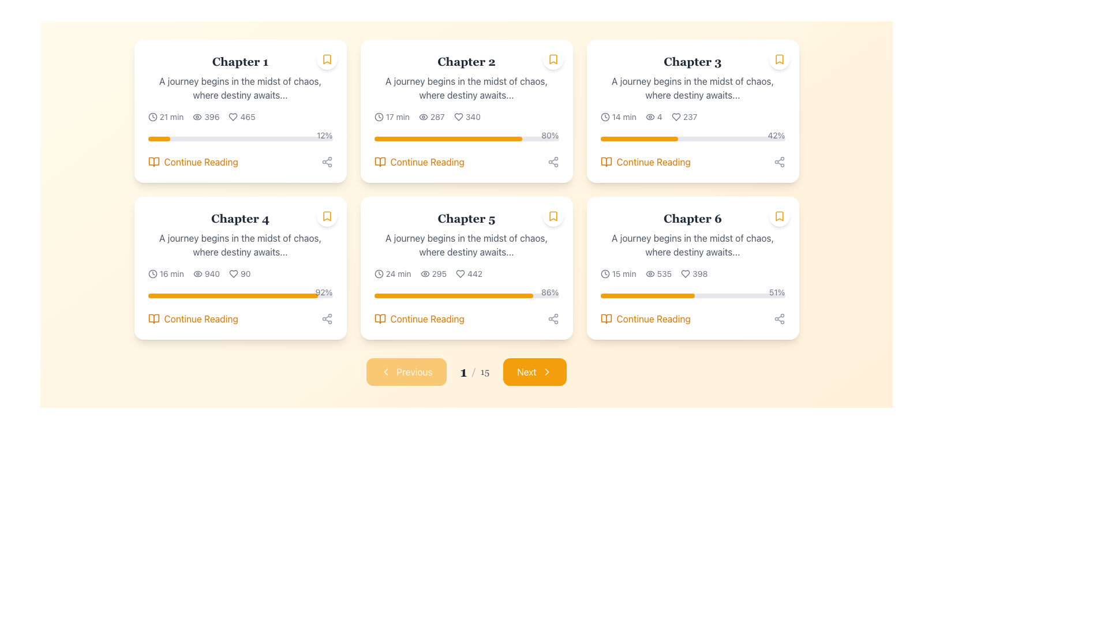 The width and height of the screenshot is (1108, 623). What do you see at coordinates (153, 162) in the screenshot?
I see `the reading icon located in the bottom left corner of the 'Chapter 1' card, which is adjacent to the 'Continue Reading' text` at bounding box center [153, 162].